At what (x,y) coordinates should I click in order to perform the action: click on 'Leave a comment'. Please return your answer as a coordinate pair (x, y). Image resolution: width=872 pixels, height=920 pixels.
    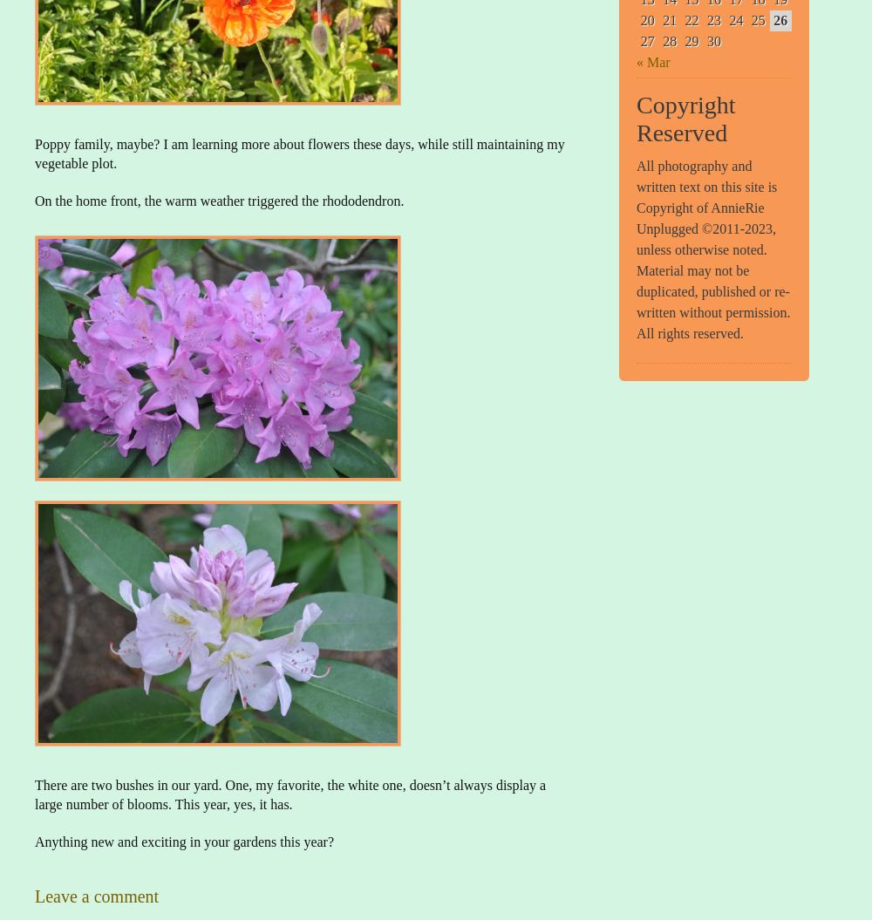
    Looking at the image, I should click on (96, 895).